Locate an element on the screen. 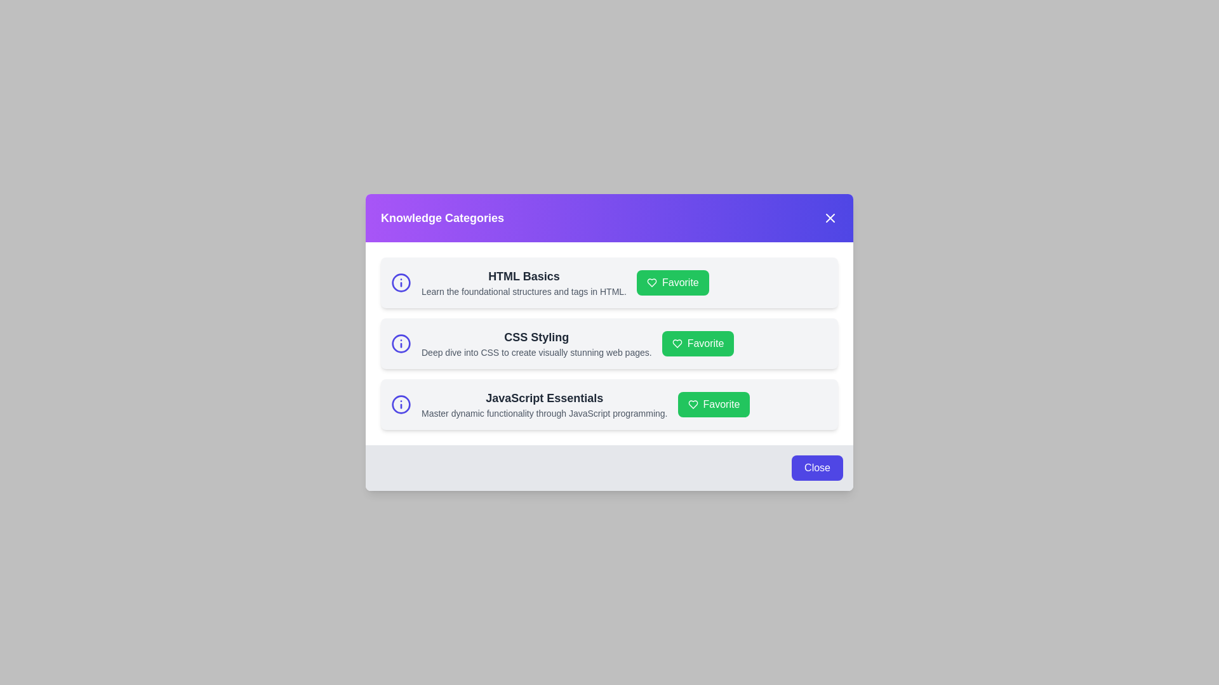 Image resolution: width=1219 pixels, height=685 pixels. the informational icon (SVG graphic) located at the beginning of the 'JavaScript Essentials' card to gather related context is located at coordinates (401, 404).